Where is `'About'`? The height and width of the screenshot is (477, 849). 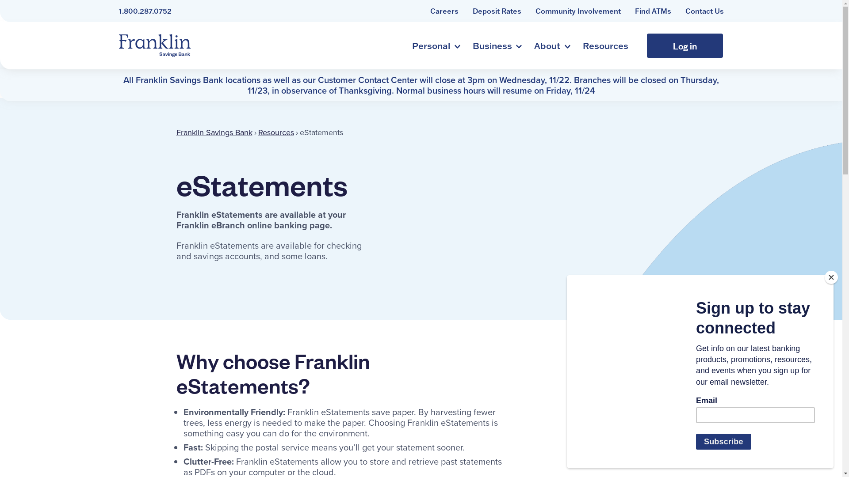
'About' is located at coordinates (527, 45).